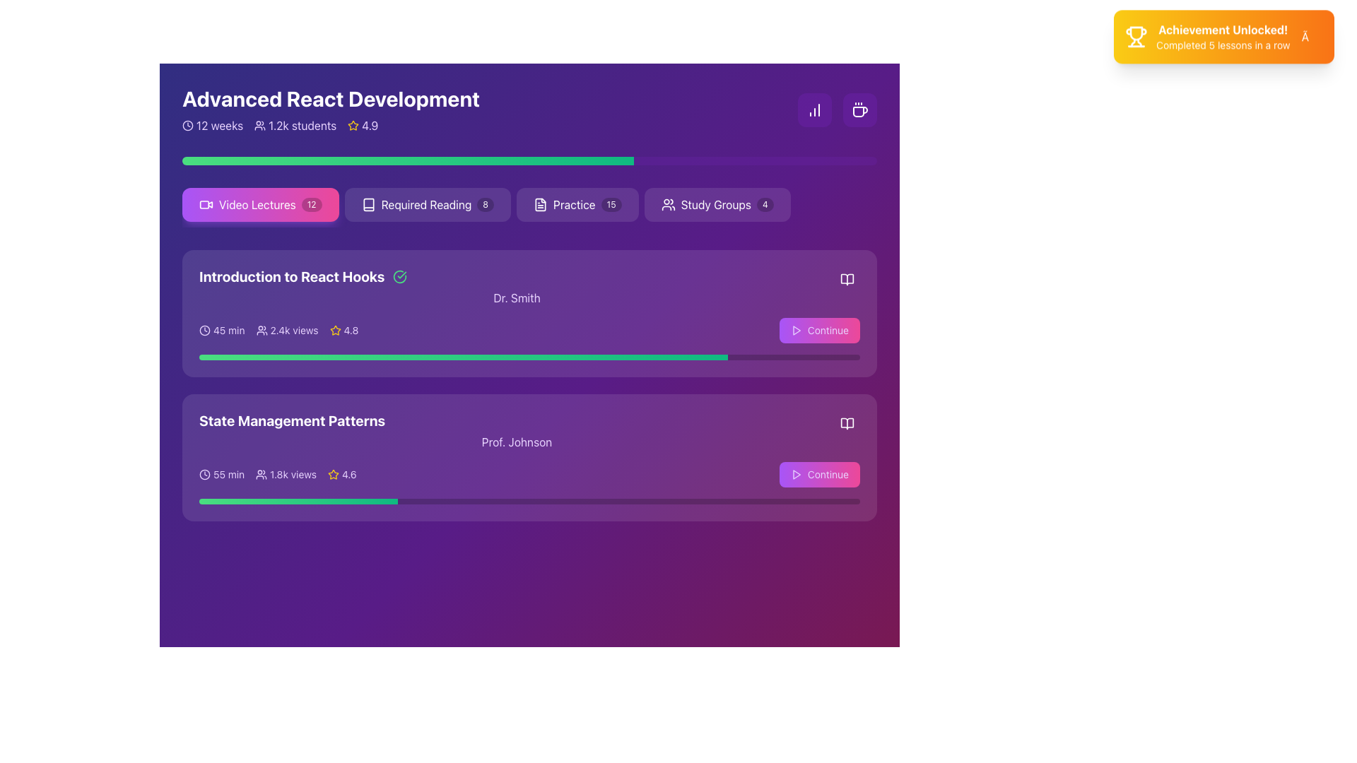 This screenshot has width=1357, height=763. What do you see at coordinates (204, 474) in the screenshot?
I see `the small clock icon, which is a line-art style icon with clock hands located at the beginning of the '55 min' text under the 'State Management Patterns' section` at bounding box center [204, 474].